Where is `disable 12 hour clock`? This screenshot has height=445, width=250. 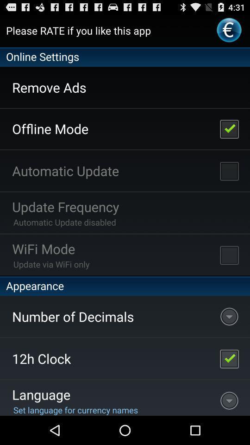 disable 12 hour clock is located at coordinates (229, 358).